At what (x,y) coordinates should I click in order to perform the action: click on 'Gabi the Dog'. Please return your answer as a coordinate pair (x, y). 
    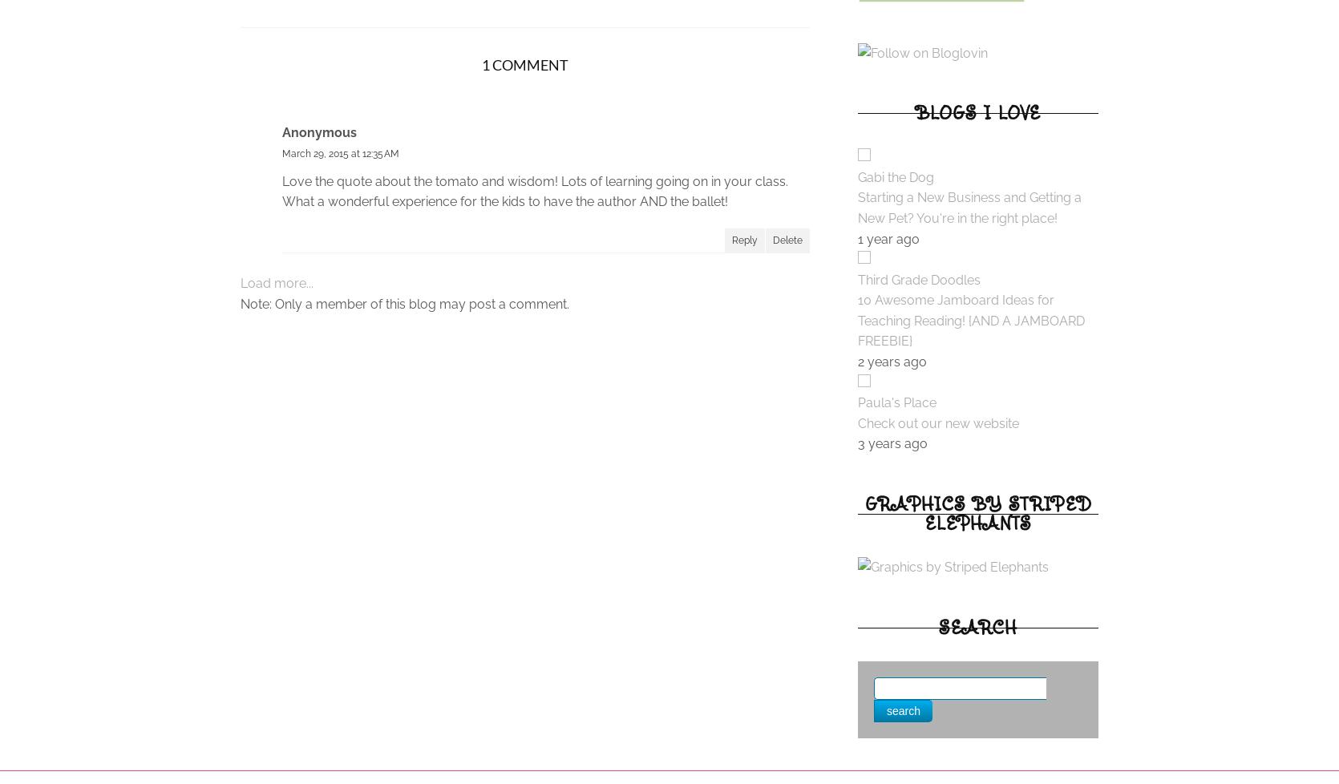
    Looking at the image, I should click on (895, 176).